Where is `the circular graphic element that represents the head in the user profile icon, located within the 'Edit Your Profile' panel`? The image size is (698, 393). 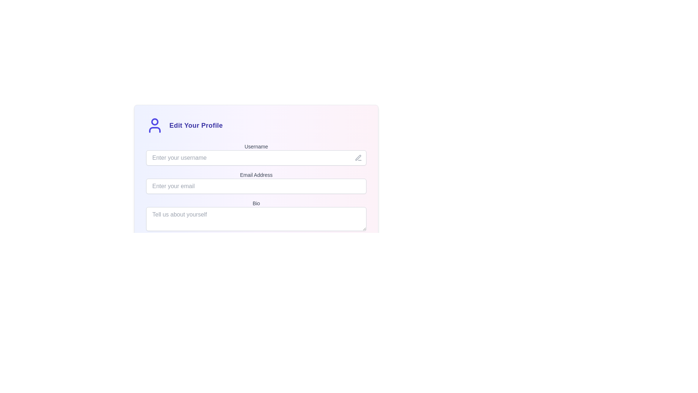 the circular graphic element that represents the head in the user profile icon, located within the 'Edit Your Profile' panel is located at coordinates (155, 122).